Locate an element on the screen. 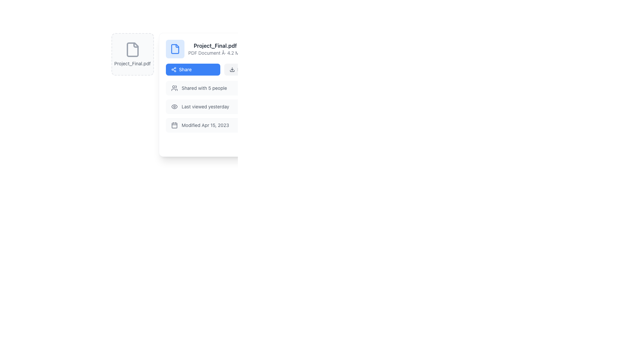 The image size is (637, 358). the text label displaying 'Modified Apr 15, 2023' to associate this information with the file's metadata is located at coordinates (205, 125).